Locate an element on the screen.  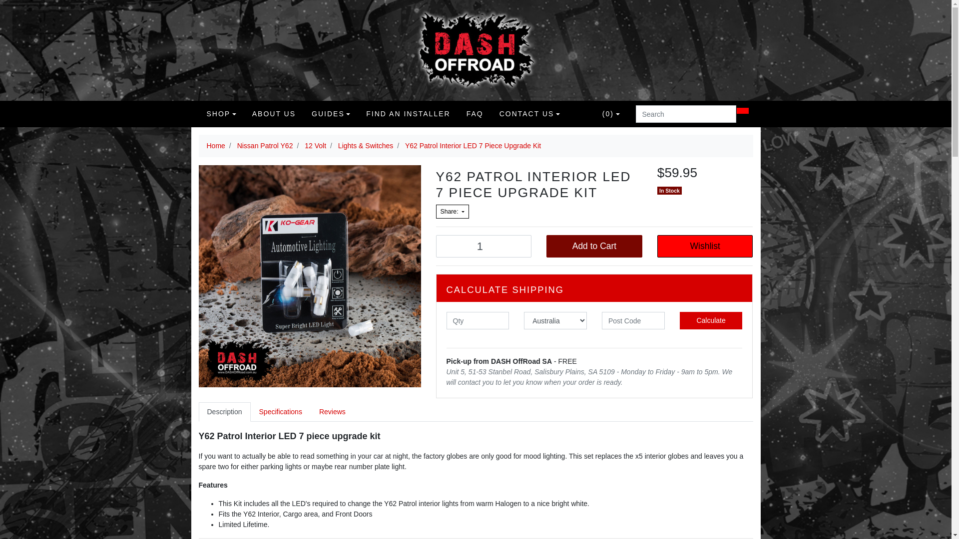
'Add to Cart' is located at coordinates (594, 246).